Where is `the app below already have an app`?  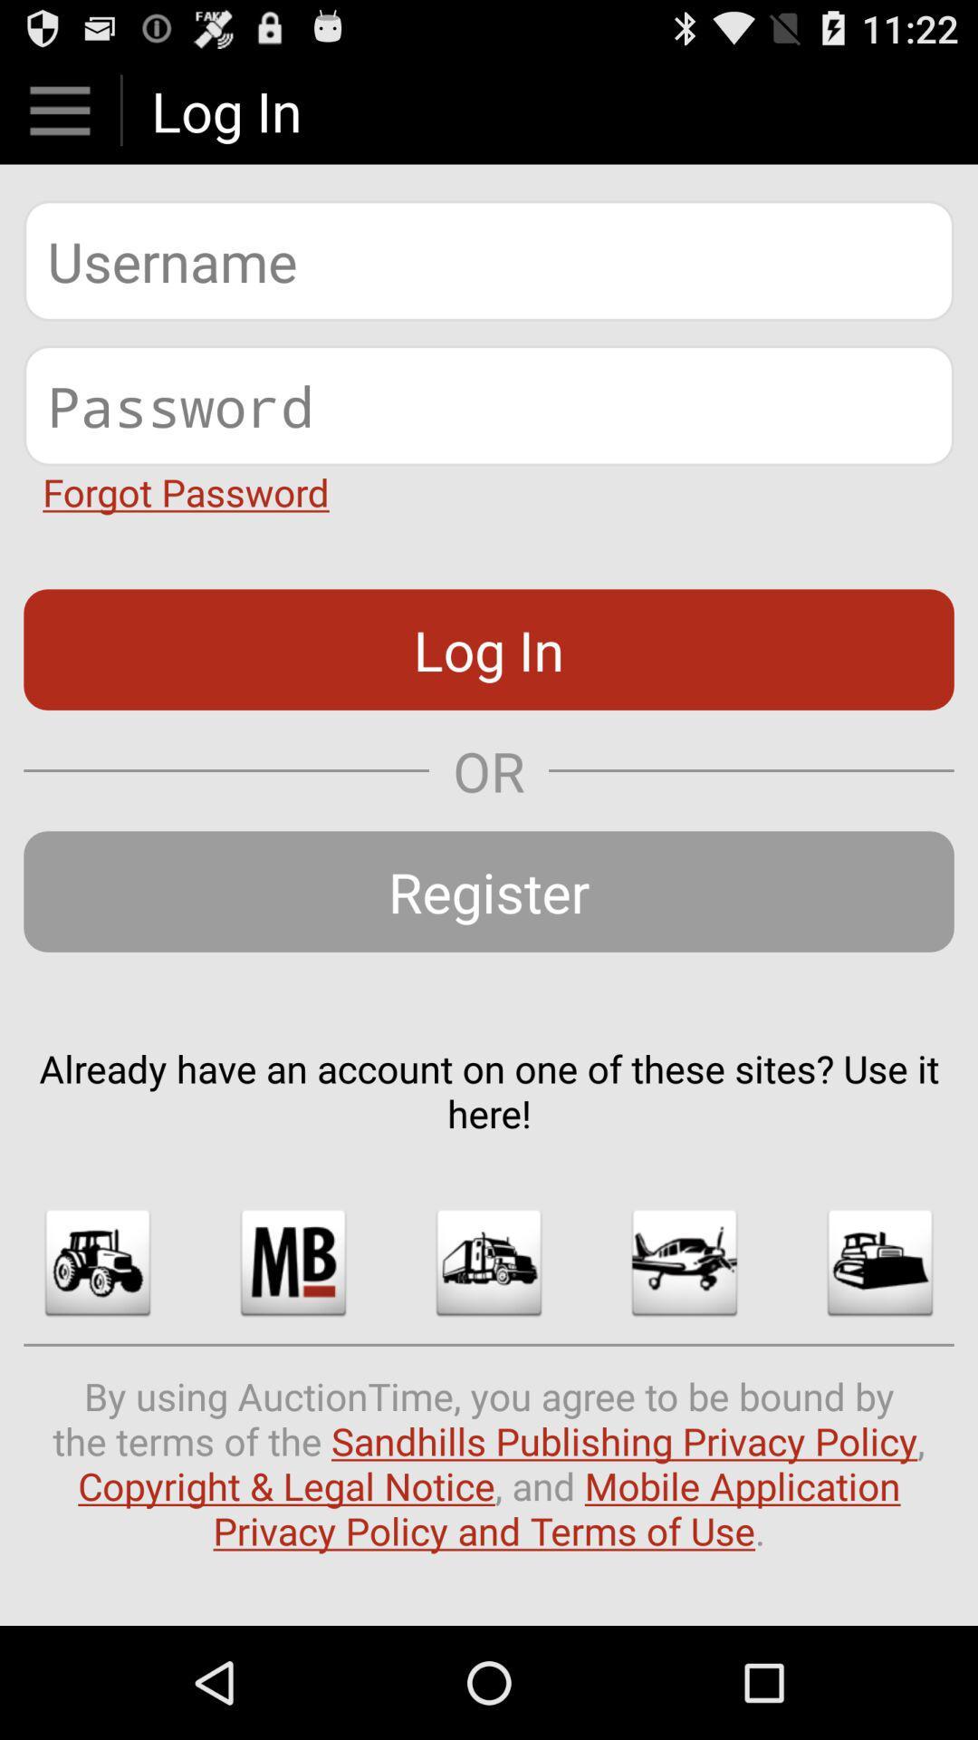
the app below already have an app is located at coordinates (879, 1261).